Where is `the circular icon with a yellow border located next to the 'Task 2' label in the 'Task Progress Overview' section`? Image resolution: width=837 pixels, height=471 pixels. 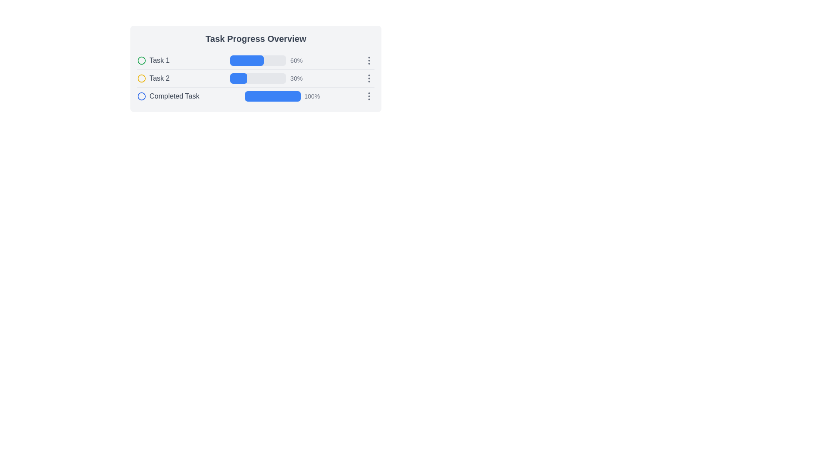
the circular icon with a yellow border located next to the 'Task 2' label in the 'Task Progress Overview' section is located at coordinates (142, 78).